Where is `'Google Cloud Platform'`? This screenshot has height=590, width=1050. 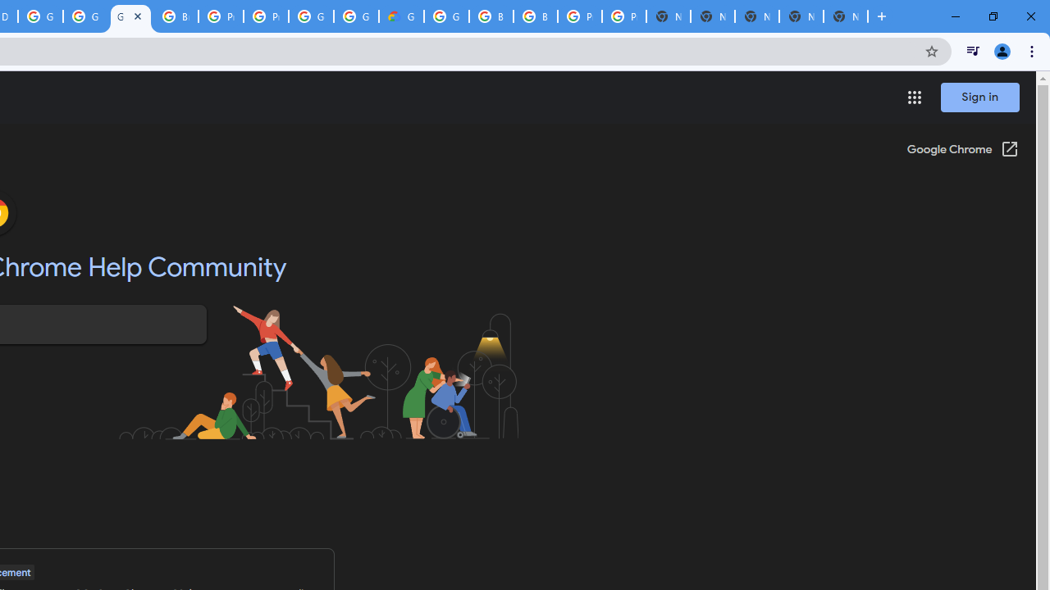 'Google Cloud Platform' is located at coordinates (40, 16).